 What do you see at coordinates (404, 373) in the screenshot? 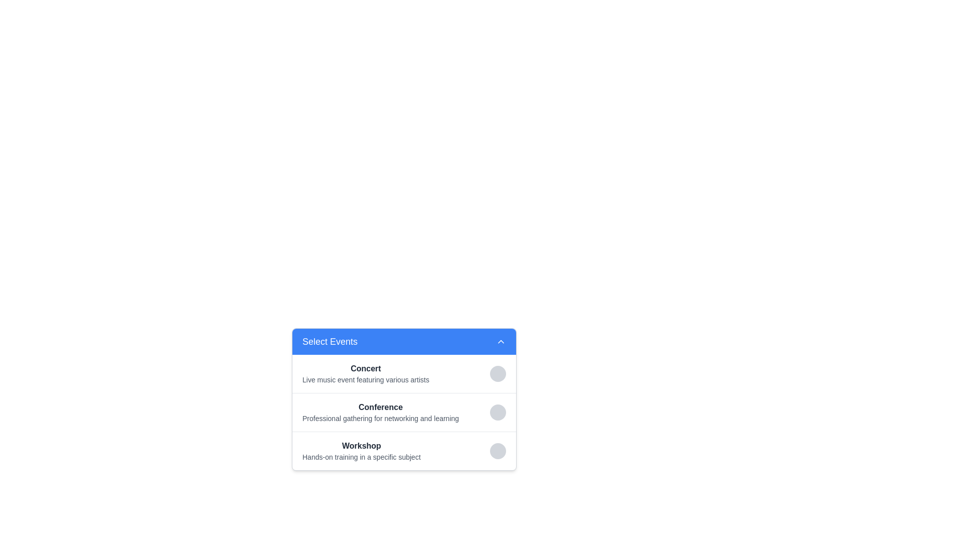
I see `the first list item titled 'Concert' within the 'Select Events' section, which includes an icon and description` at bounding box center [404, 373].